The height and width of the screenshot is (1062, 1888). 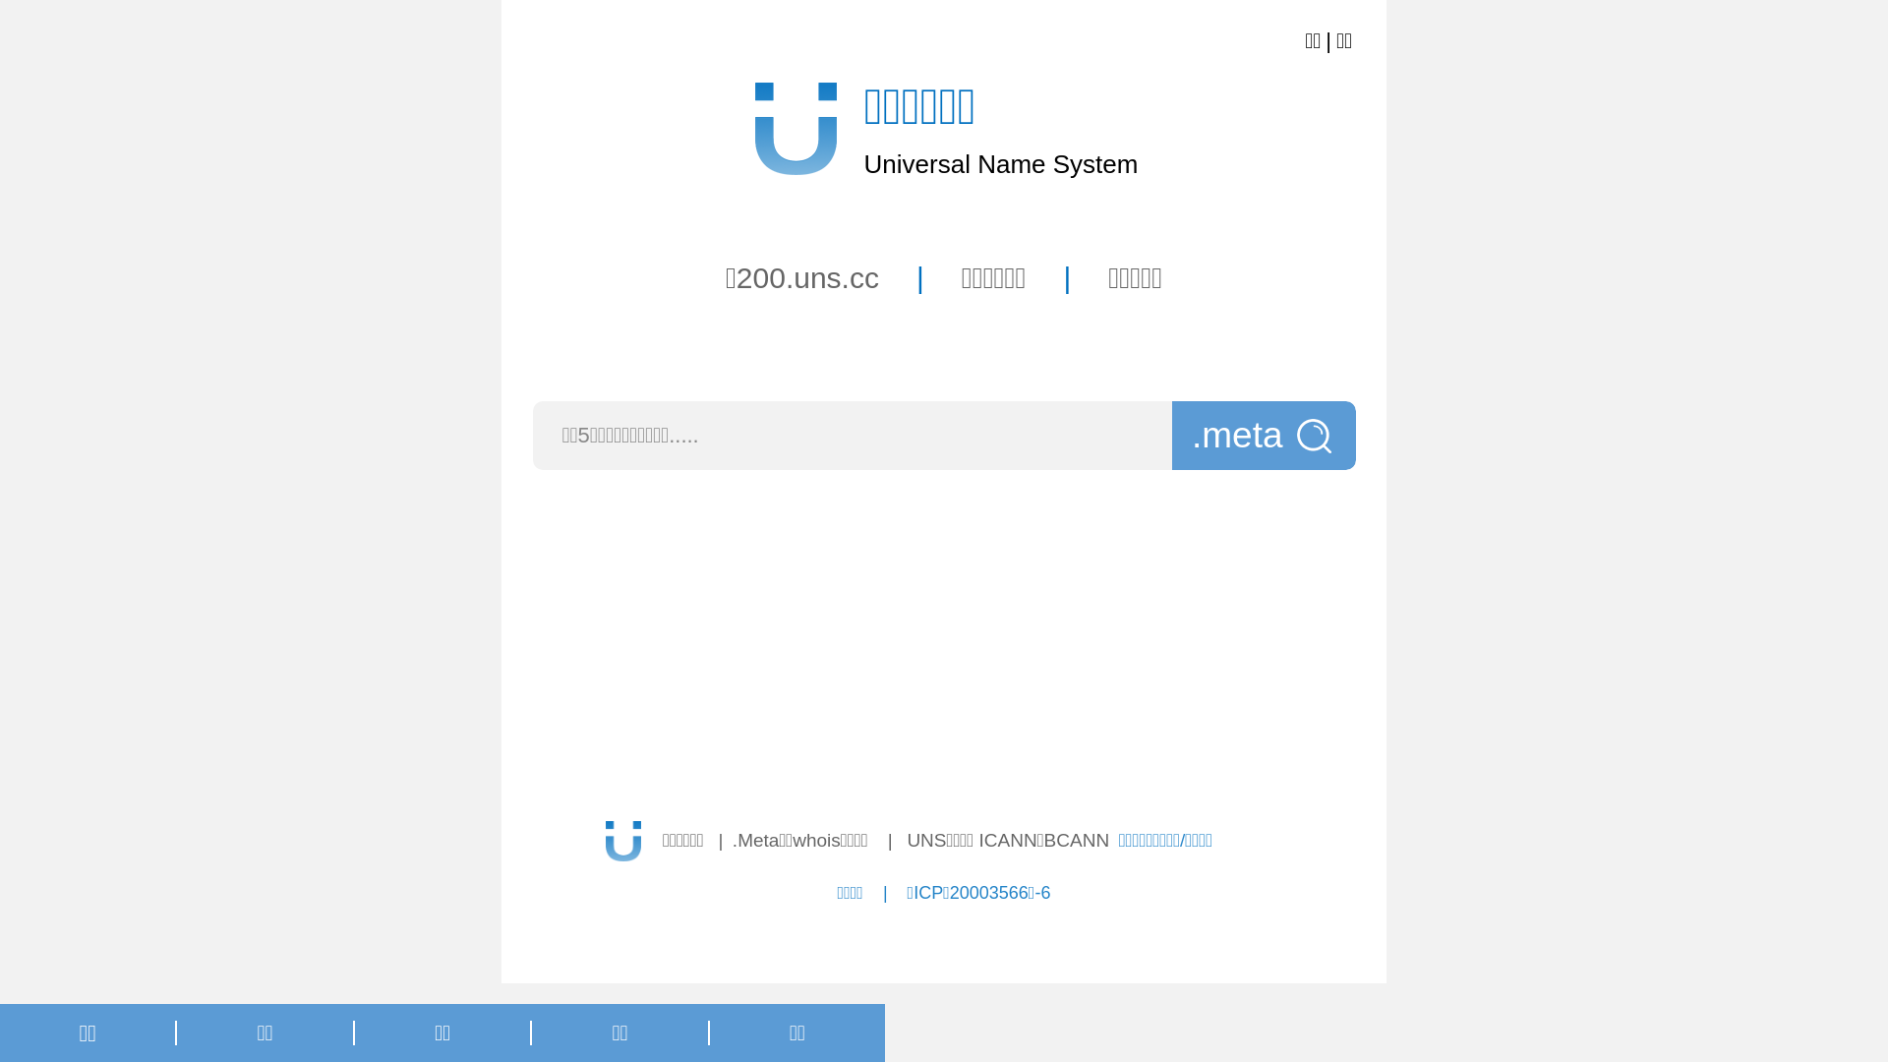 What do you see at coordinates (1076, 840) in the screenshot?
I see `'BCANN'` at bounding box center [1076, 840].